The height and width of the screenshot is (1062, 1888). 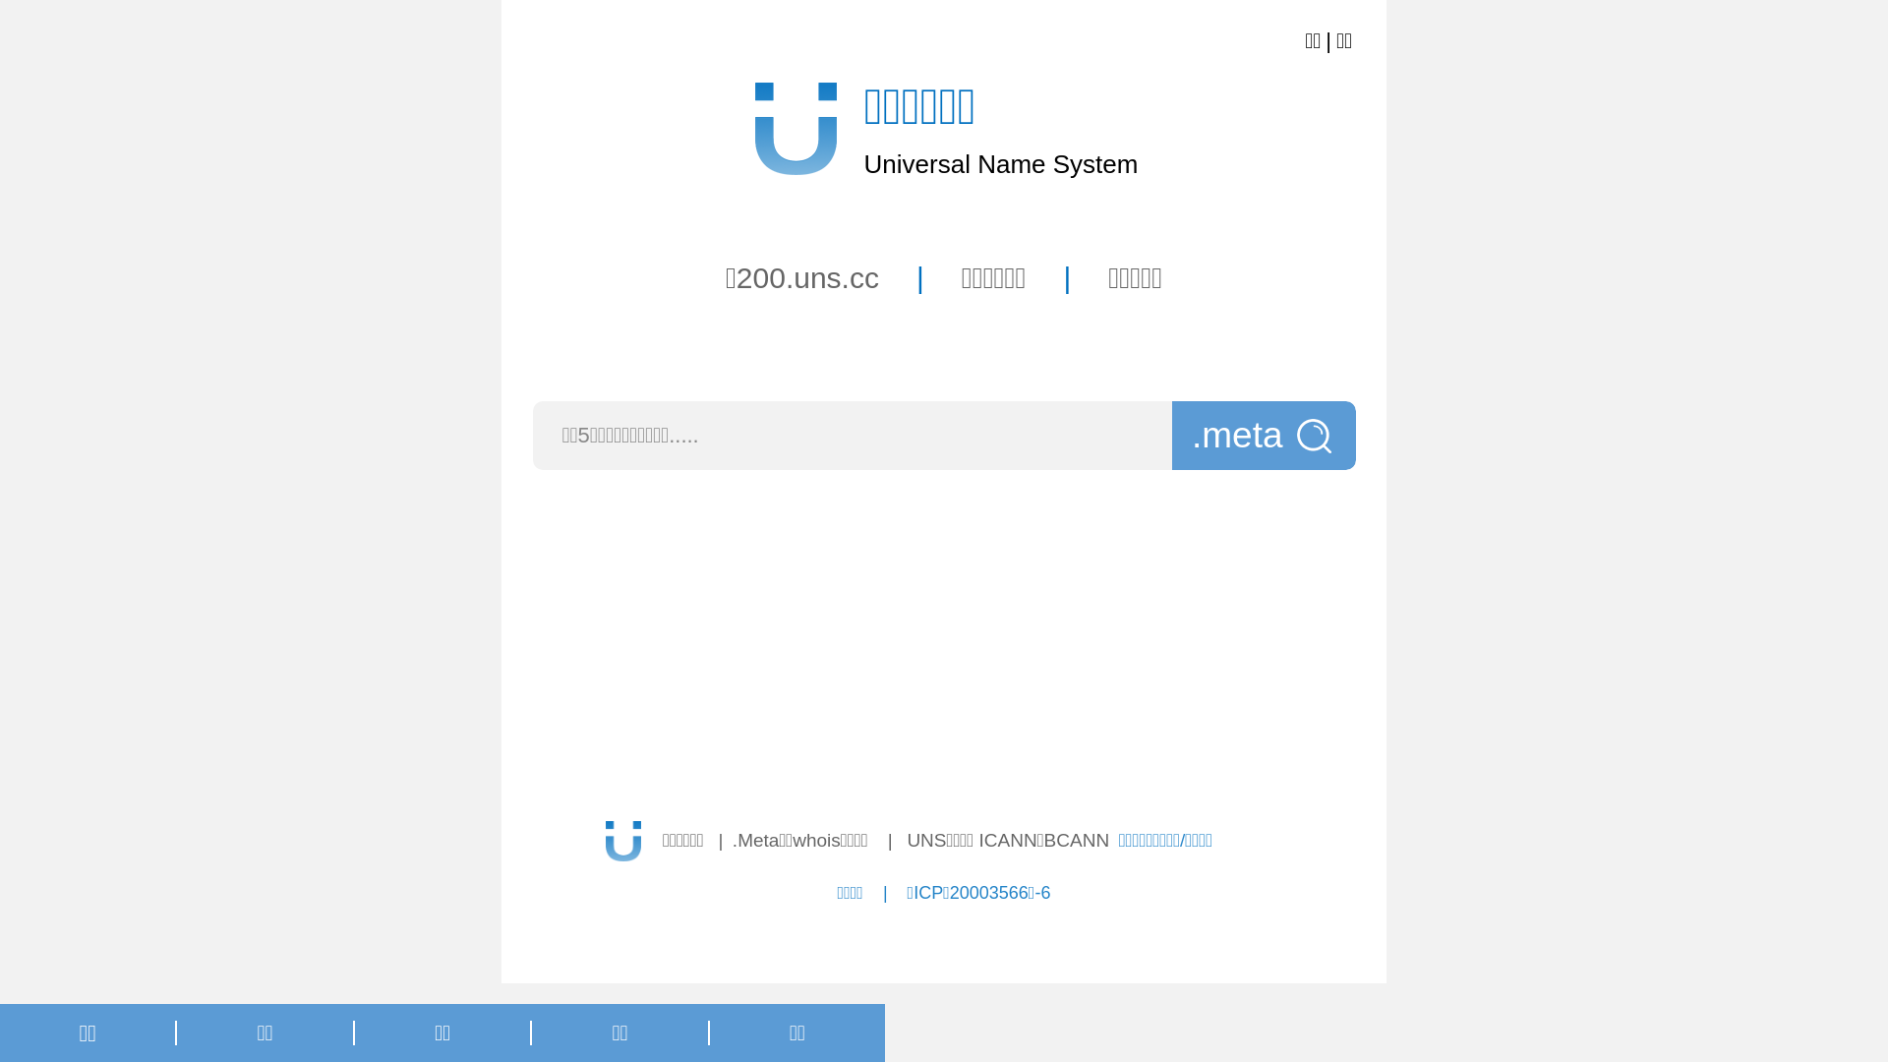 What do you see at coordinates (1076, 840) in the screenshot?
I see `'BCANN'` at bounding box center [1076, 840].